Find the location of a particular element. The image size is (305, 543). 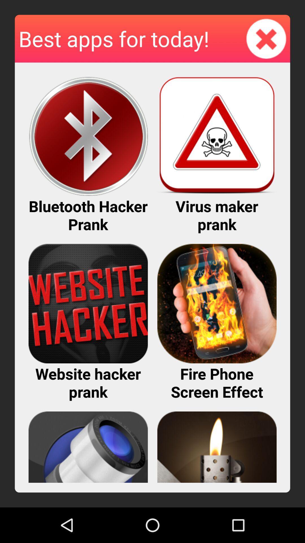

item to the right of best apps for icon is located at coordinates (266, 38).